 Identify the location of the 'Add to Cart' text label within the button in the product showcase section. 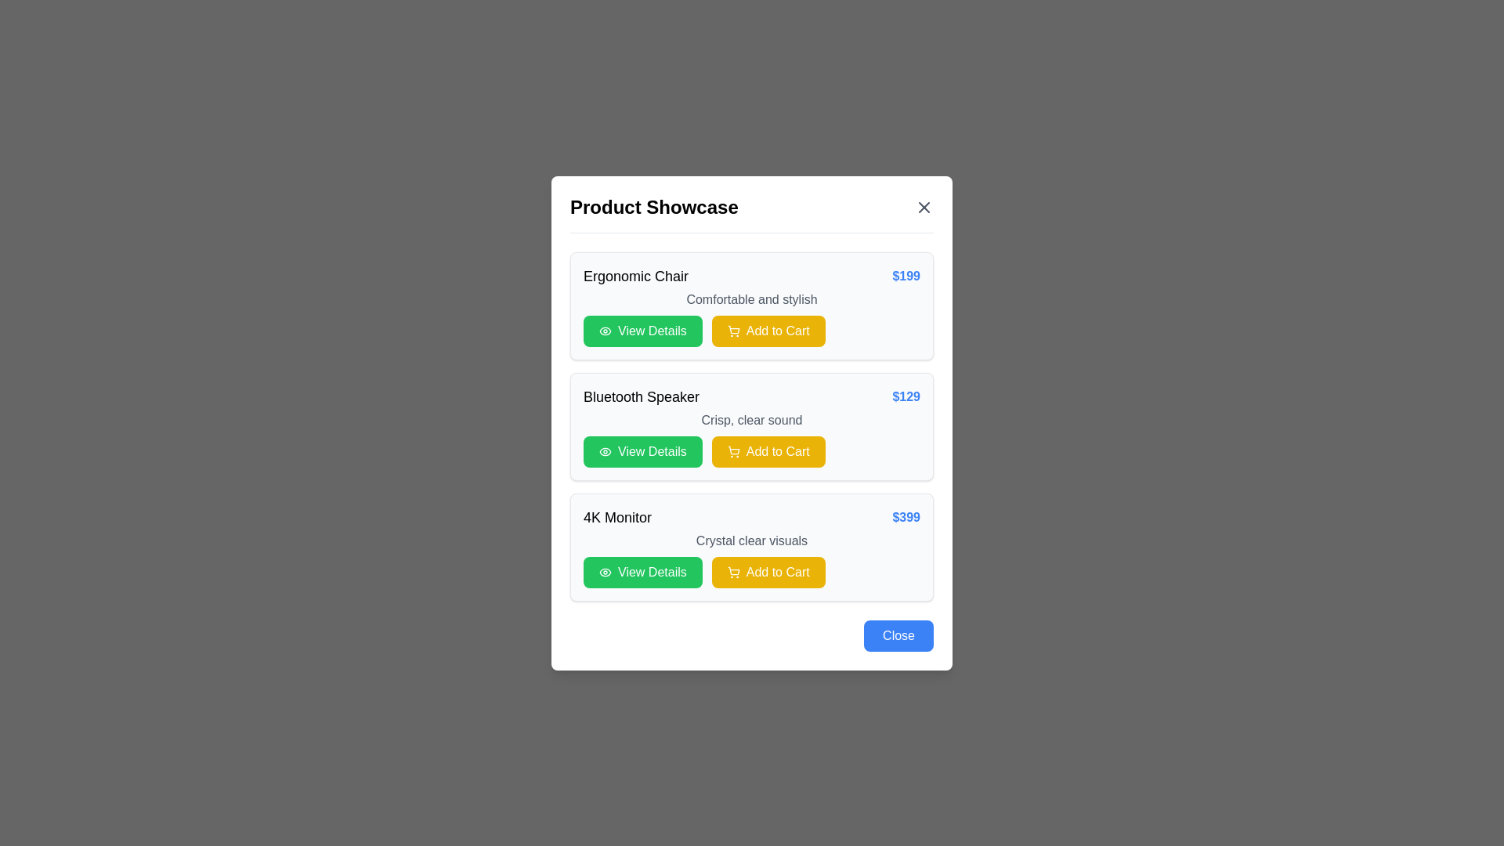
(778, 330).